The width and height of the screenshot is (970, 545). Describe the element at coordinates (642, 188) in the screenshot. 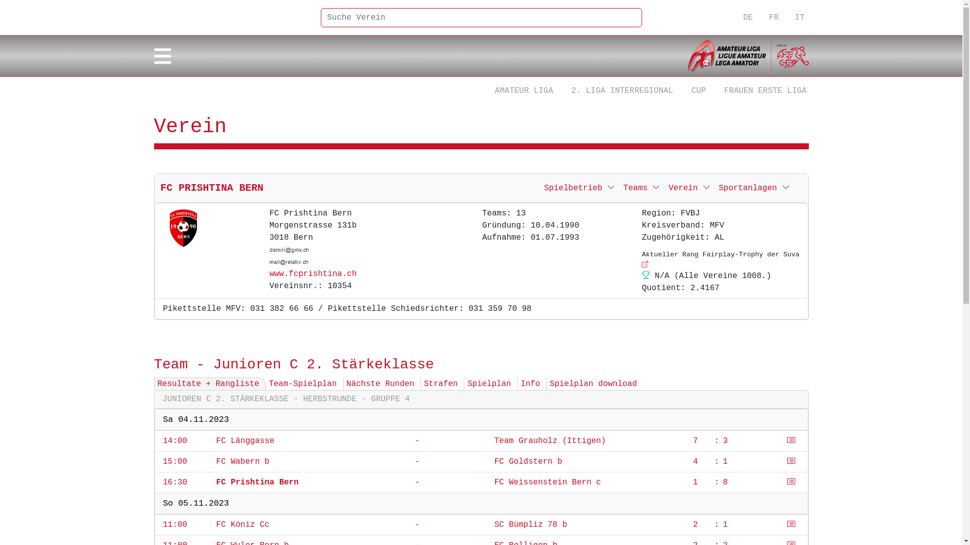

I see `'Teams'` at that location.